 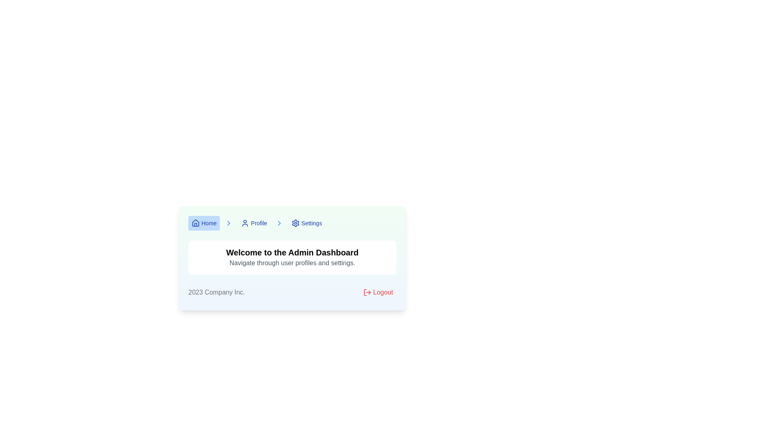 What do you see at coordinates (295, 223) in the screenshot?
I see `the gear icon in the navigation bar, located next to the 'Settings' text` at bounding box center [295, 223].